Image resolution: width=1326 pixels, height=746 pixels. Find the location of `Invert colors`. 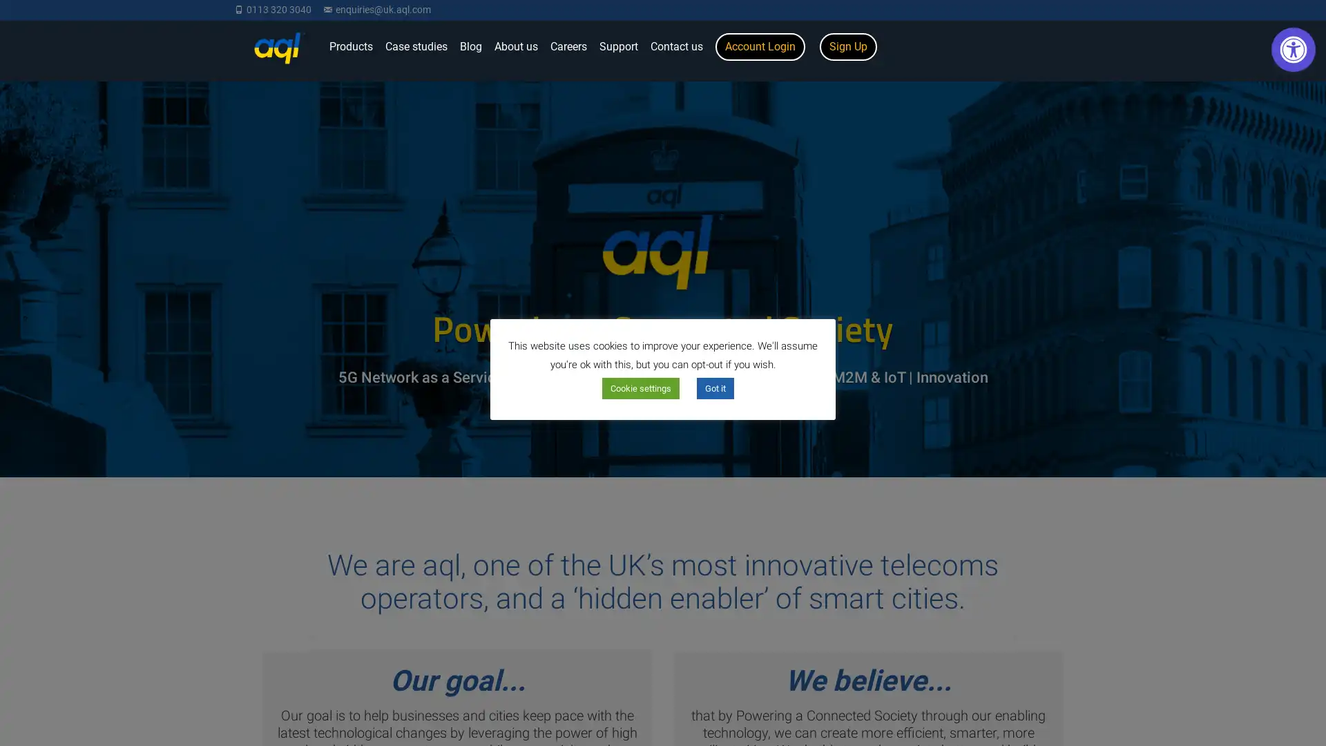

Invert colors is located at coordinates (1102, 151).